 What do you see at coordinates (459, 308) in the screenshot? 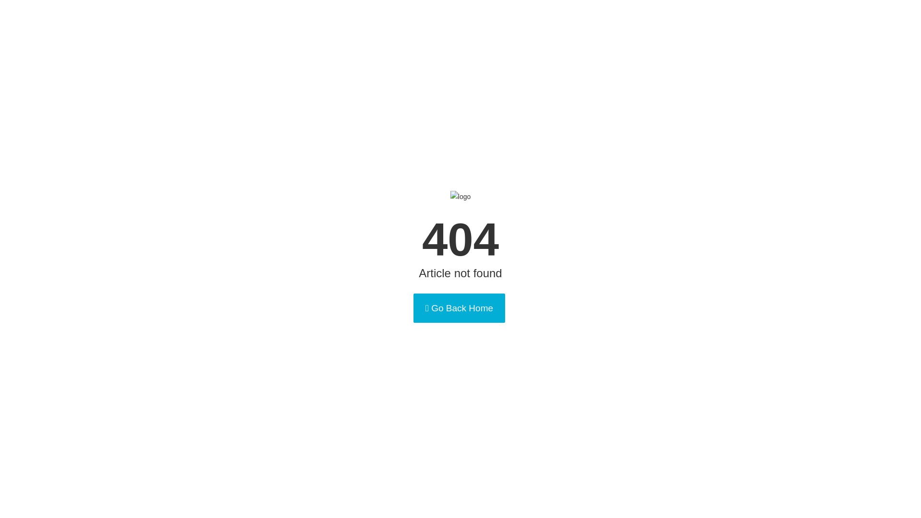
I see `'Go Back Home'` at bounding box center [459, 308].